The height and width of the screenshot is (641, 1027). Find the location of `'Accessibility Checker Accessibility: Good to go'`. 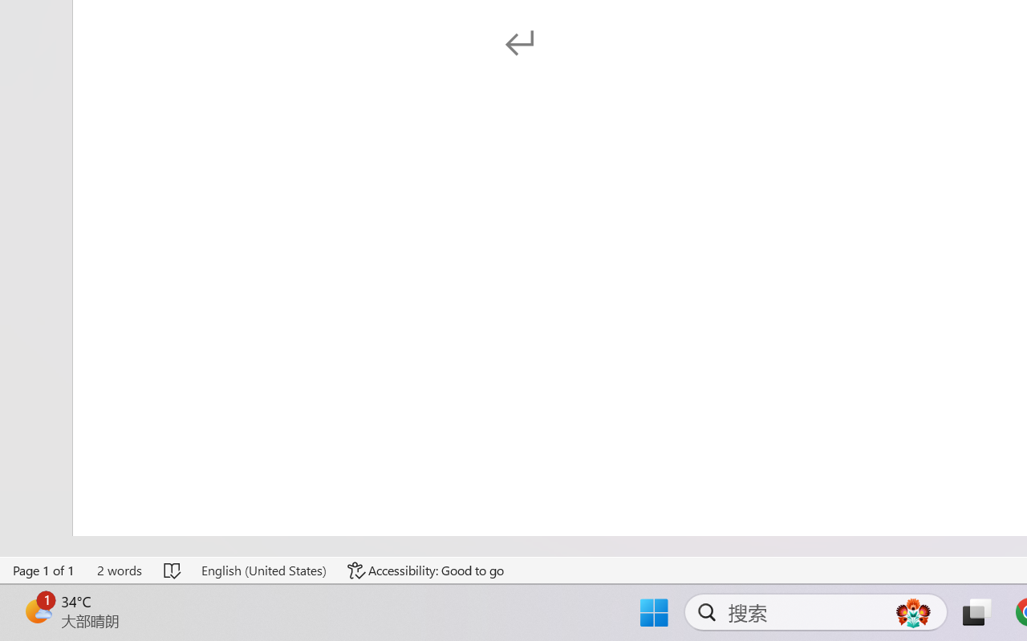

'Accessibility Checker Accessibility: Good to go' is located at coordinates (426, 570).